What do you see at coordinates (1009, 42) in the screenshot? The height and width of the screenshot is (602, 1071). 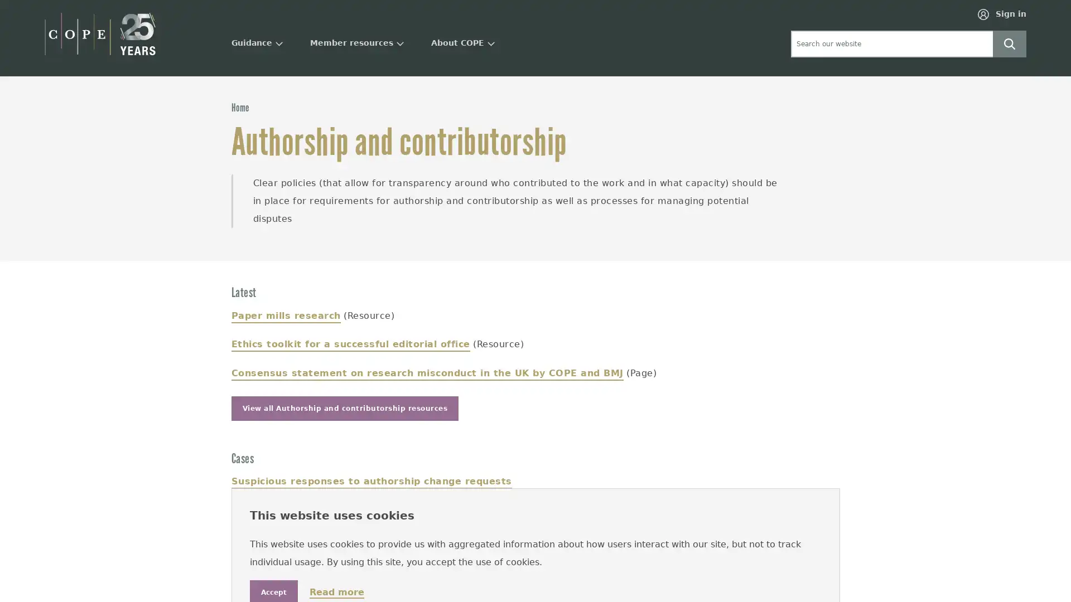 I see `Search` at bounding box center [1009, 42].